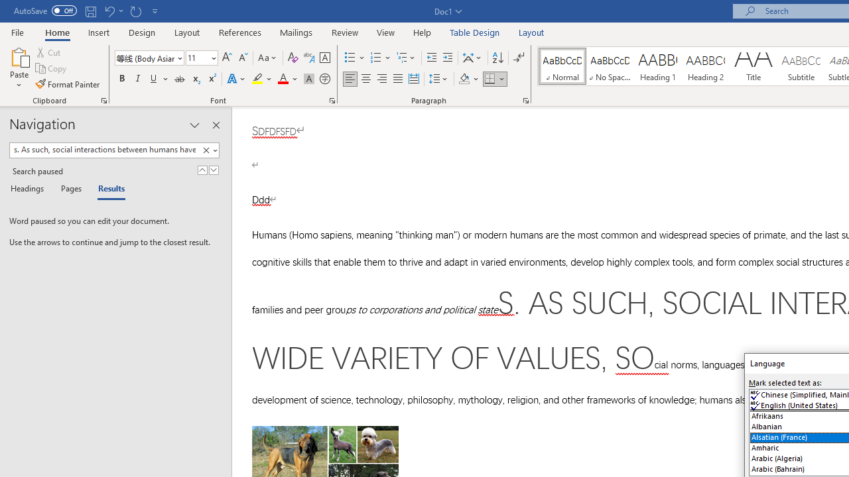 This screenshot has height=477, width=849. I want to click on 'Design', so click(142, 32).